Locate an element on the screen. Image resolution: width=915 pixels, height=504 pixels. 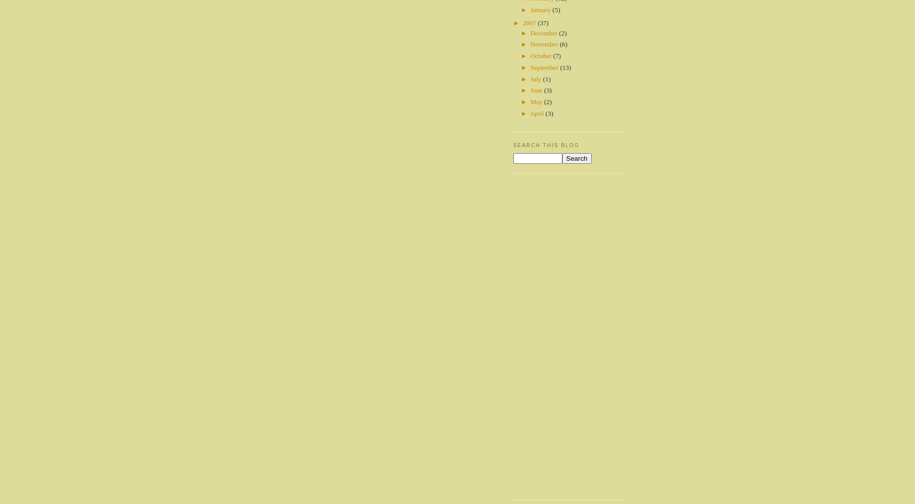
'April' is located at coordinates (529, 113).